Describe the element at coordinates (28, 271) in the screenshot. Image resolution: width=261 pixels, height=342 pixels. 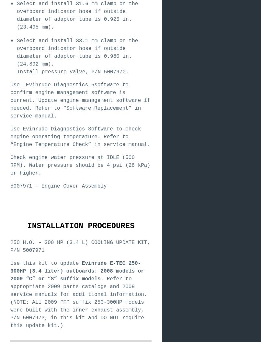
I see `'(3.4'` at that location.